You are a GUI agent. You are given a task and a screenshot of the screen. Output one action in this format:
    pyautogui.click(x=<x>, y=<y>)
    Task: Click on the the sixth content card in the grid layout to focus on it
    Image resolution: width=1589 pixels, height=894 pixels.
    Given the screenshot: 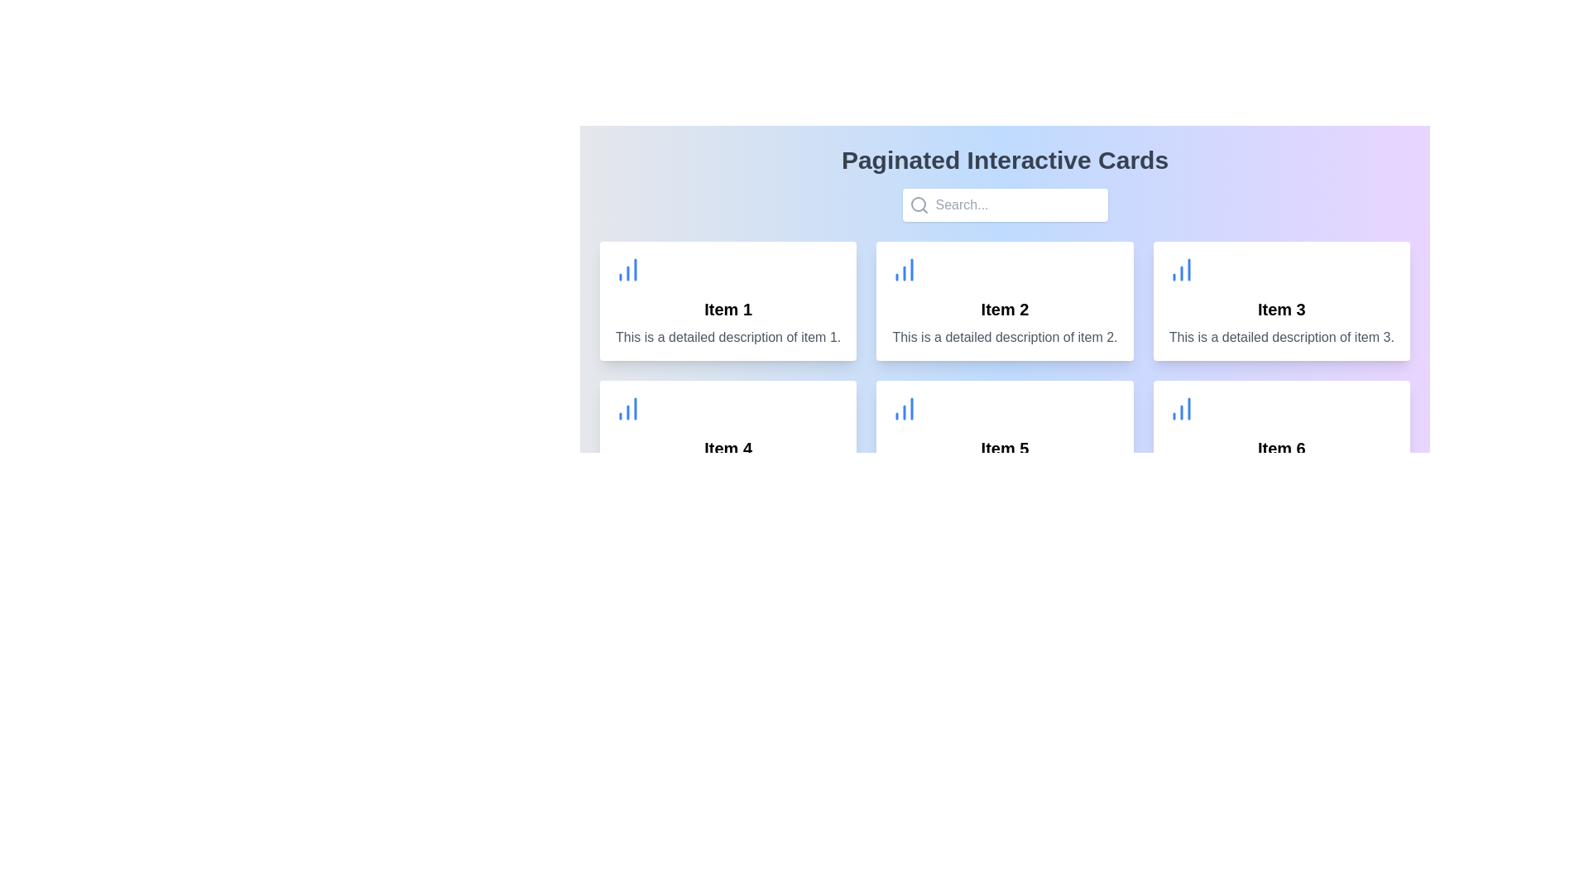 What is the action you would take?
    pyautogui.click(x=1280, y=440)
    